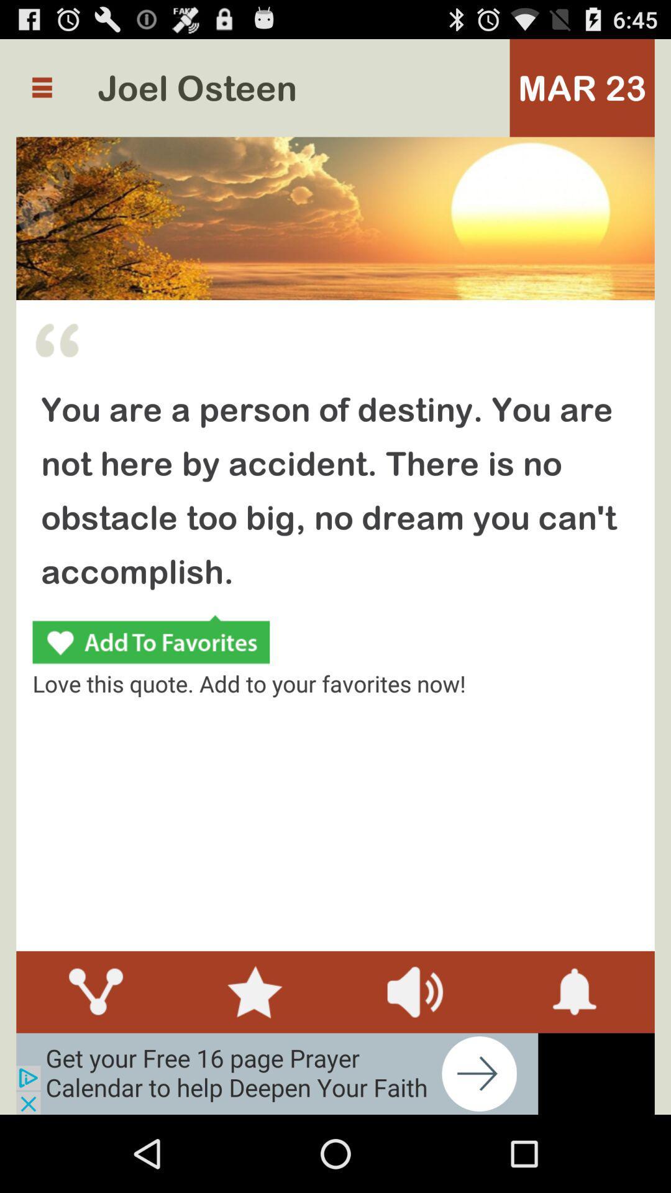  Describe the element at coordinates (41, 93) in the screenshot. I see `the menu icon` at that location.